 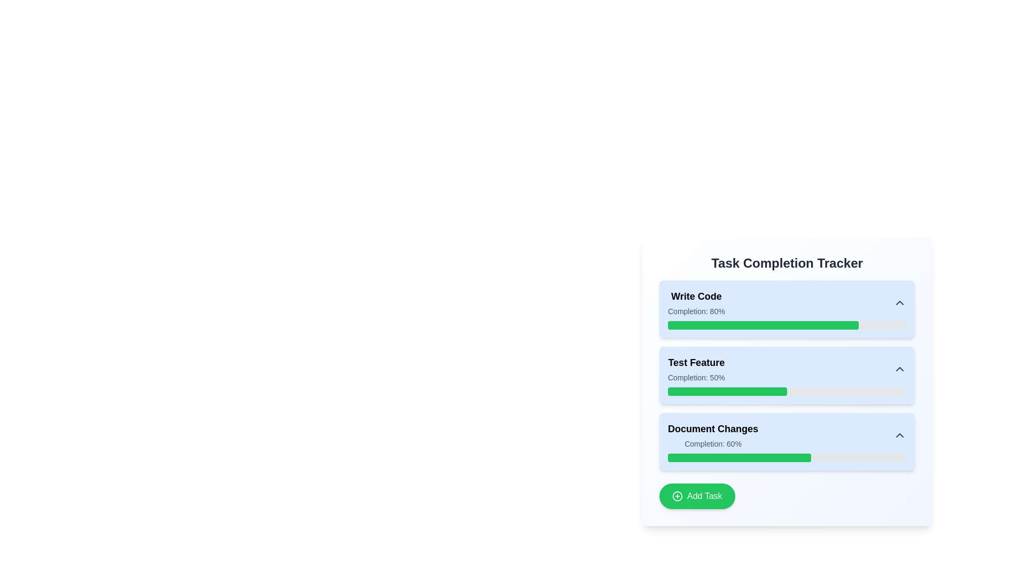 I want to click on the progress percentage label for the task 'Document Changes', located at the bottom of its card, aligned with other completion labels in the 'Task Completion Tracker' section, so click(x=713, y=443).